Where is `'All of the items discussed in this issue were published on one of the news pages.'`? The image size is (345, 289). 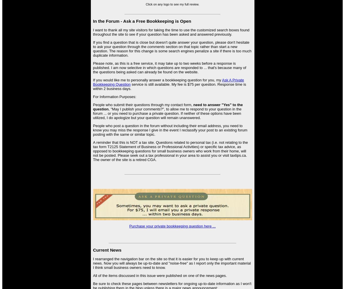
'All of the items discussed in this issue were published on one of the news pages.' is located at coordinates (159, 275).